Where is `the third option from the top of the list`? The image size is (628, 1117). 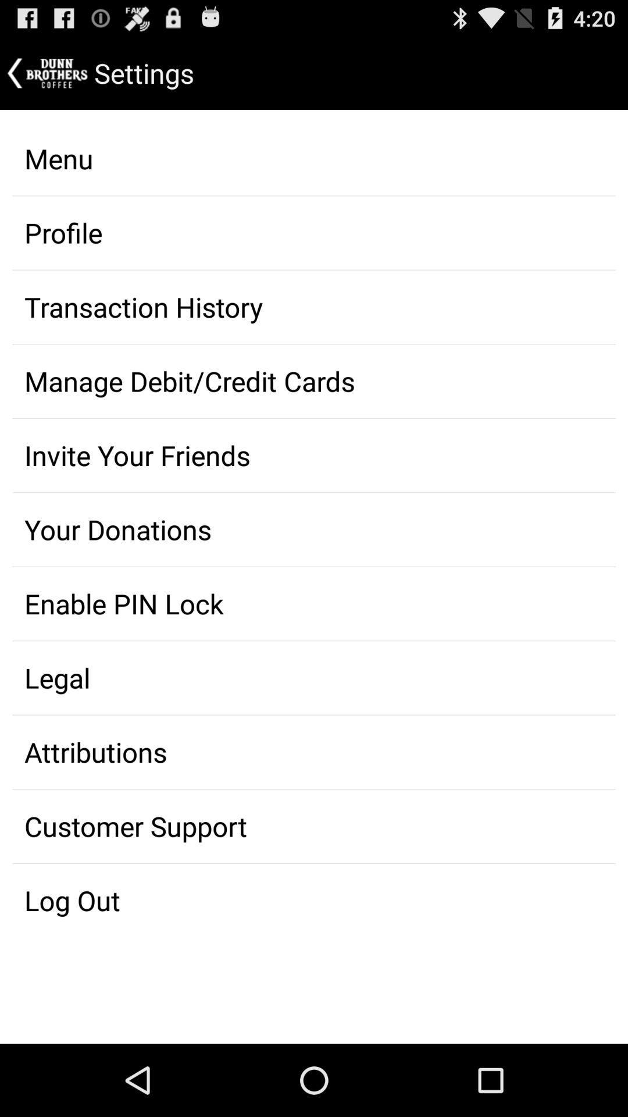
the third option from the top of the list is located at coordinates (314, 307).